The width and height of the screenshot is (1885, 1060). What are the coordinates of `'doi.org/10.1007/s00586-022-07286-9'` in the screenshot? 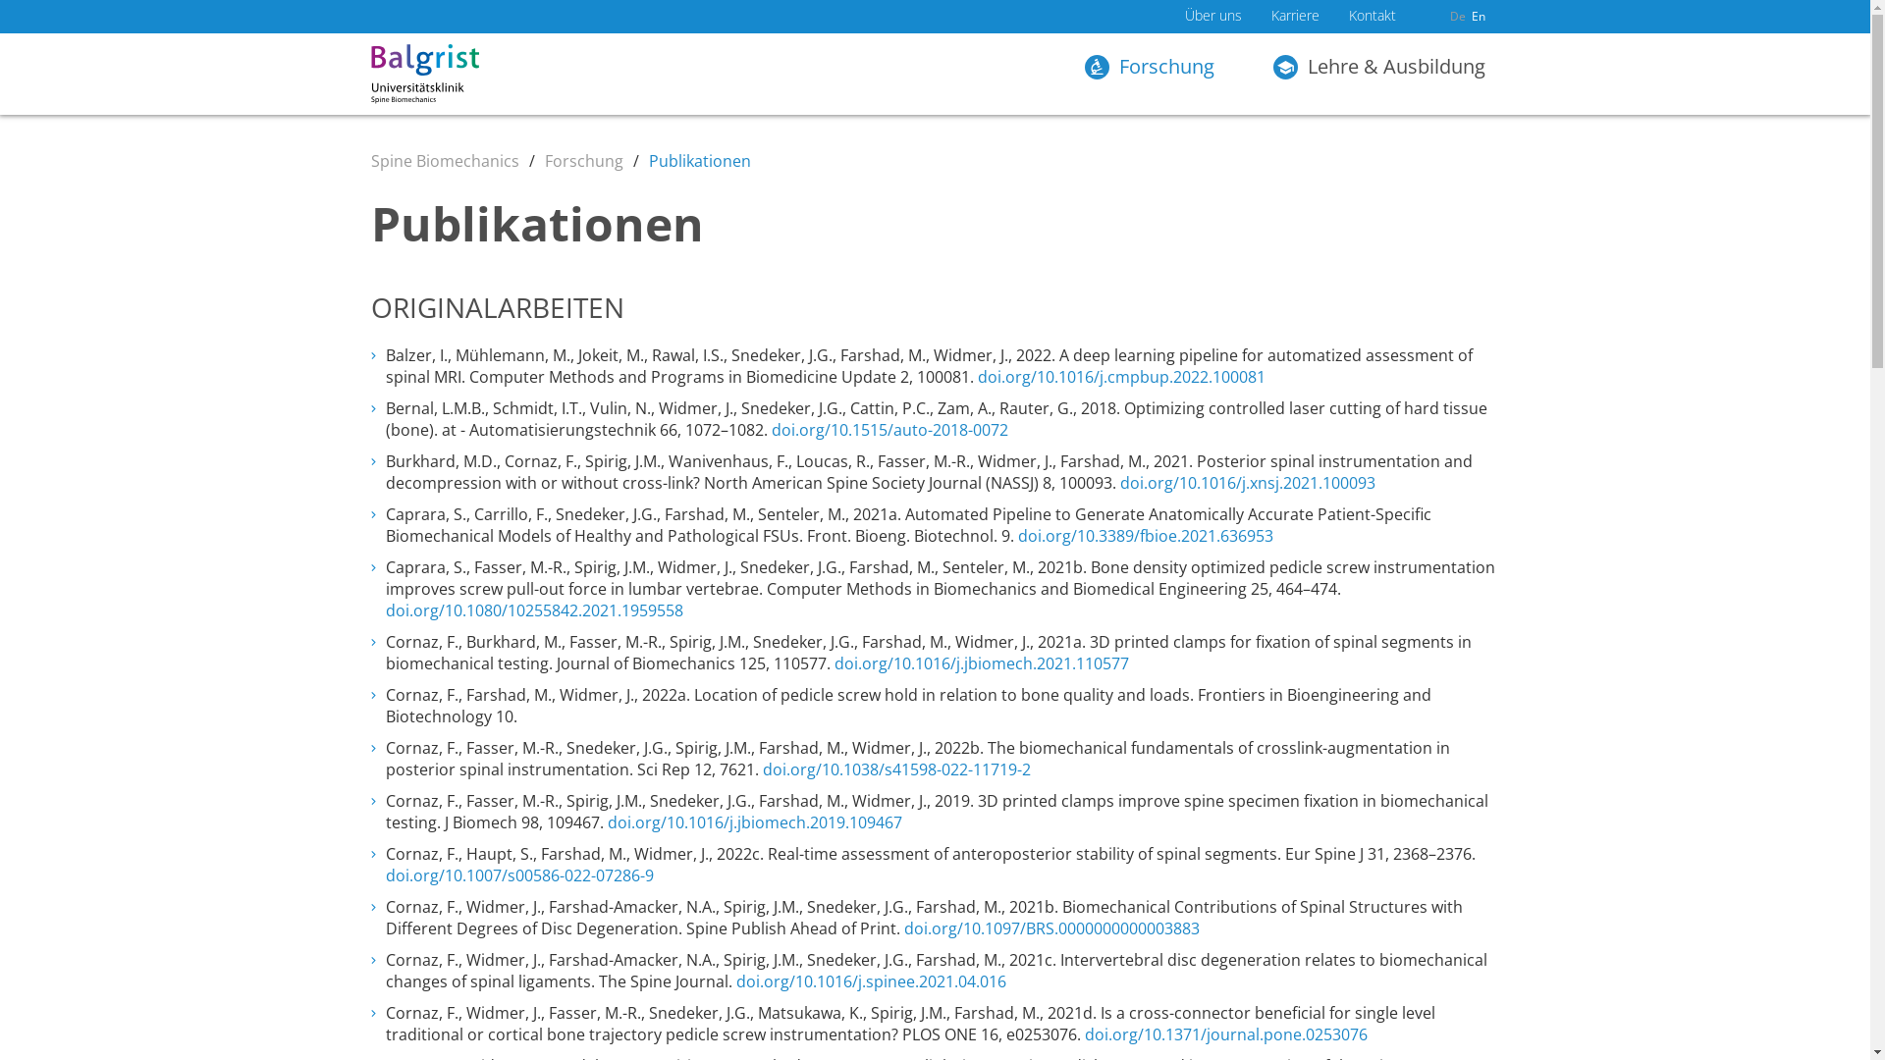 It's located at (518, 874).